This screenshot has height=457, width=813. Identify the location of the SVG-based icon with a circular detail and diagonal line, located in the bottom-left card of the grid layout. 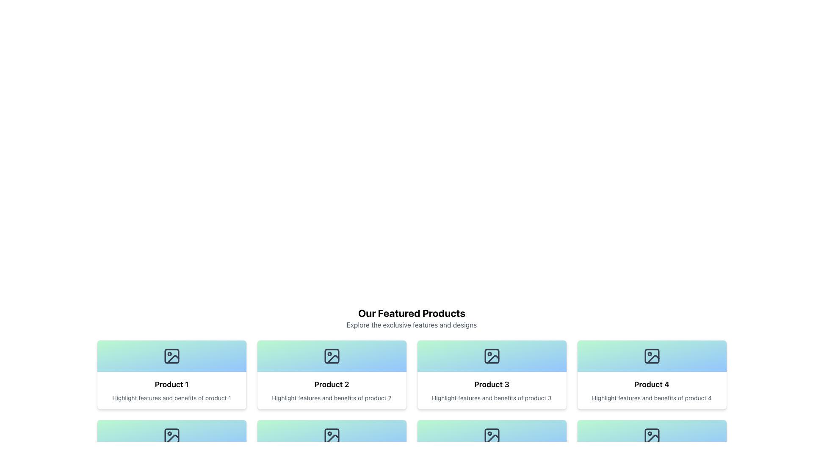
(331, 435).